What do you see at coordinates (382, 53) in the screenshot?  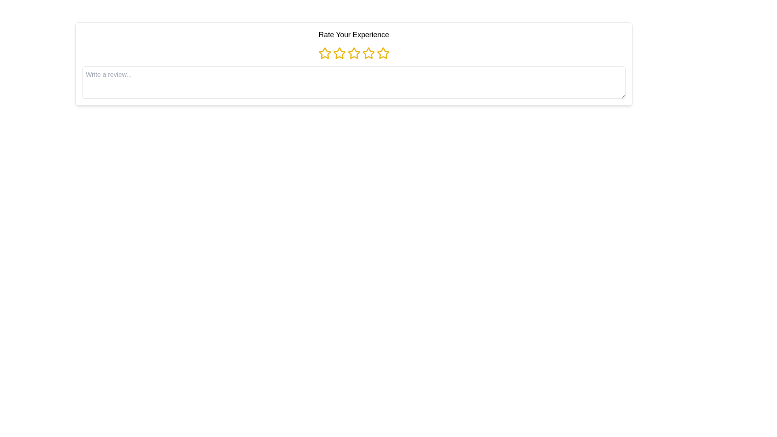 I see `the fifth star in the rating system located under 'Rate Your Experience'` at bounding box center [382, 53].